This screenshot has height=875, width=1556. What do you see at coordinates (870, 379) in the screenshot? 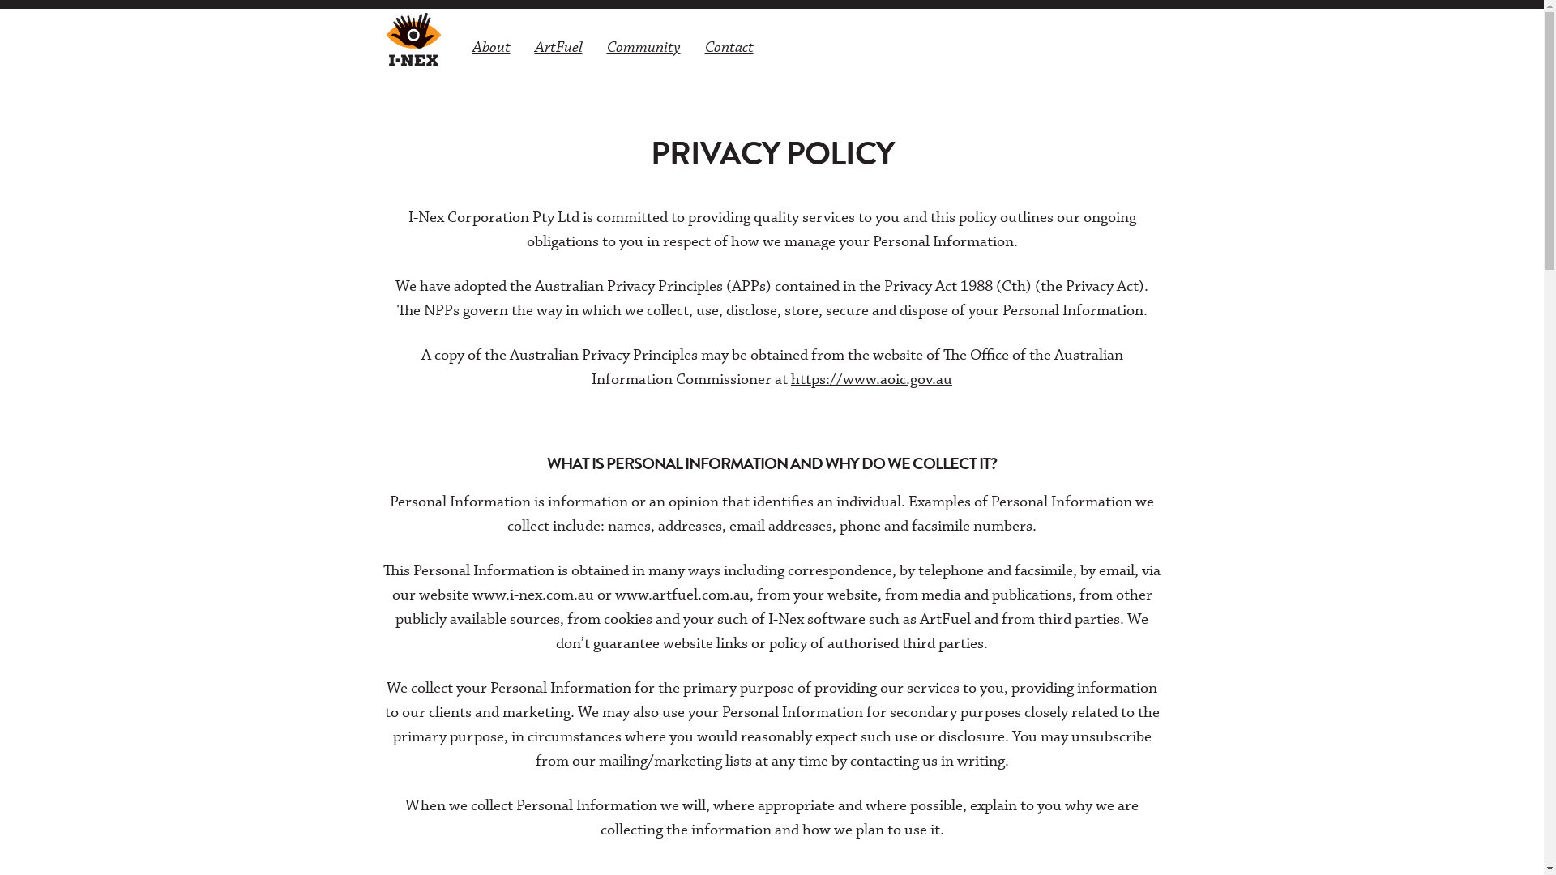
I see `'https://www.aoic.gov.au'` at bounding box center [870, 379].